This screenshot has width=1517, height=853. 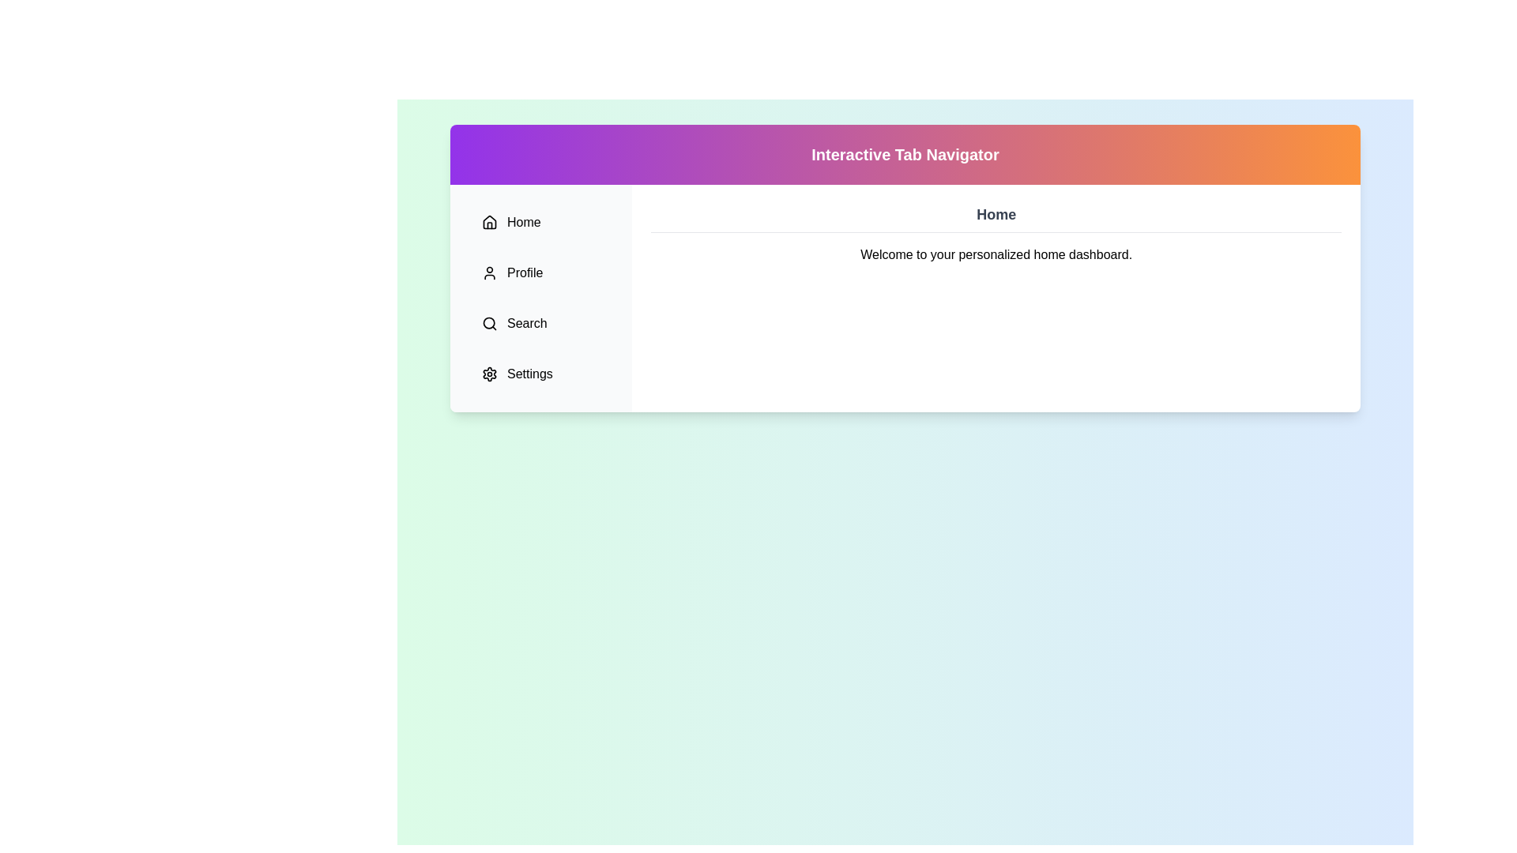 I want to click on the Settings tab from the sidebar menu, so click(x=541, y=374).